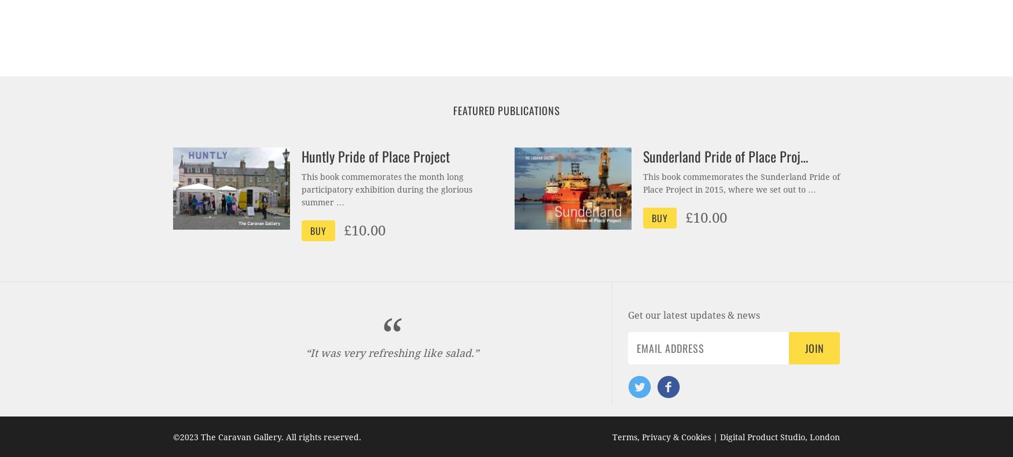 Image resolution: width=1013 pixels, height=457 pixels. I want to click on 'Digital Product Studio, London', so click(720, 437).